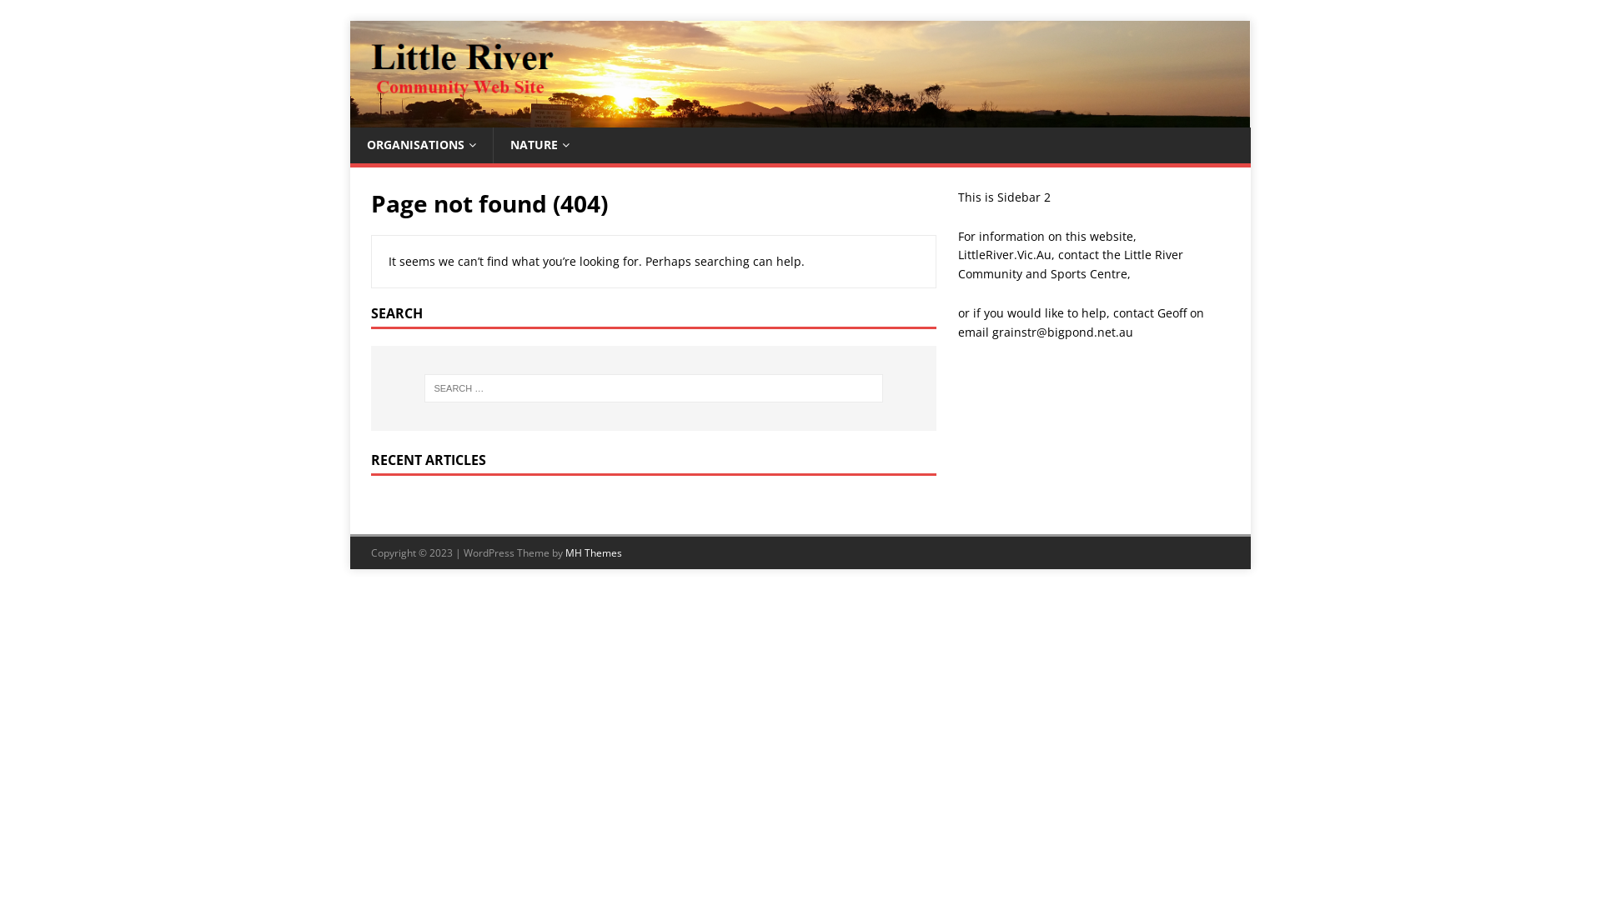 The image size is (1601, 900). I want to click on 'MH Themes', so click(565, 552).